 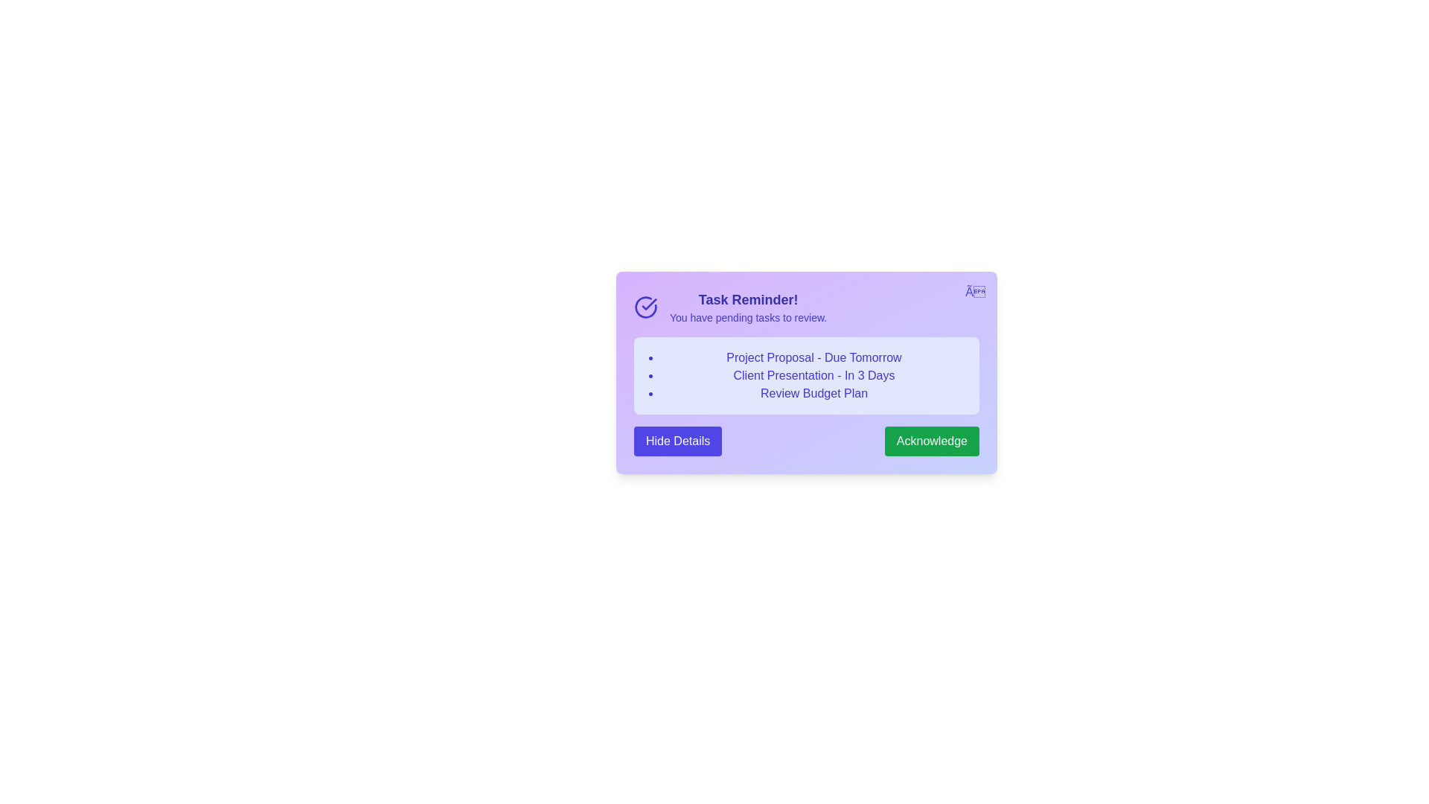 I want to click on the task title 'Review Budget Plan' for interaction, so click(x=813, y=392).